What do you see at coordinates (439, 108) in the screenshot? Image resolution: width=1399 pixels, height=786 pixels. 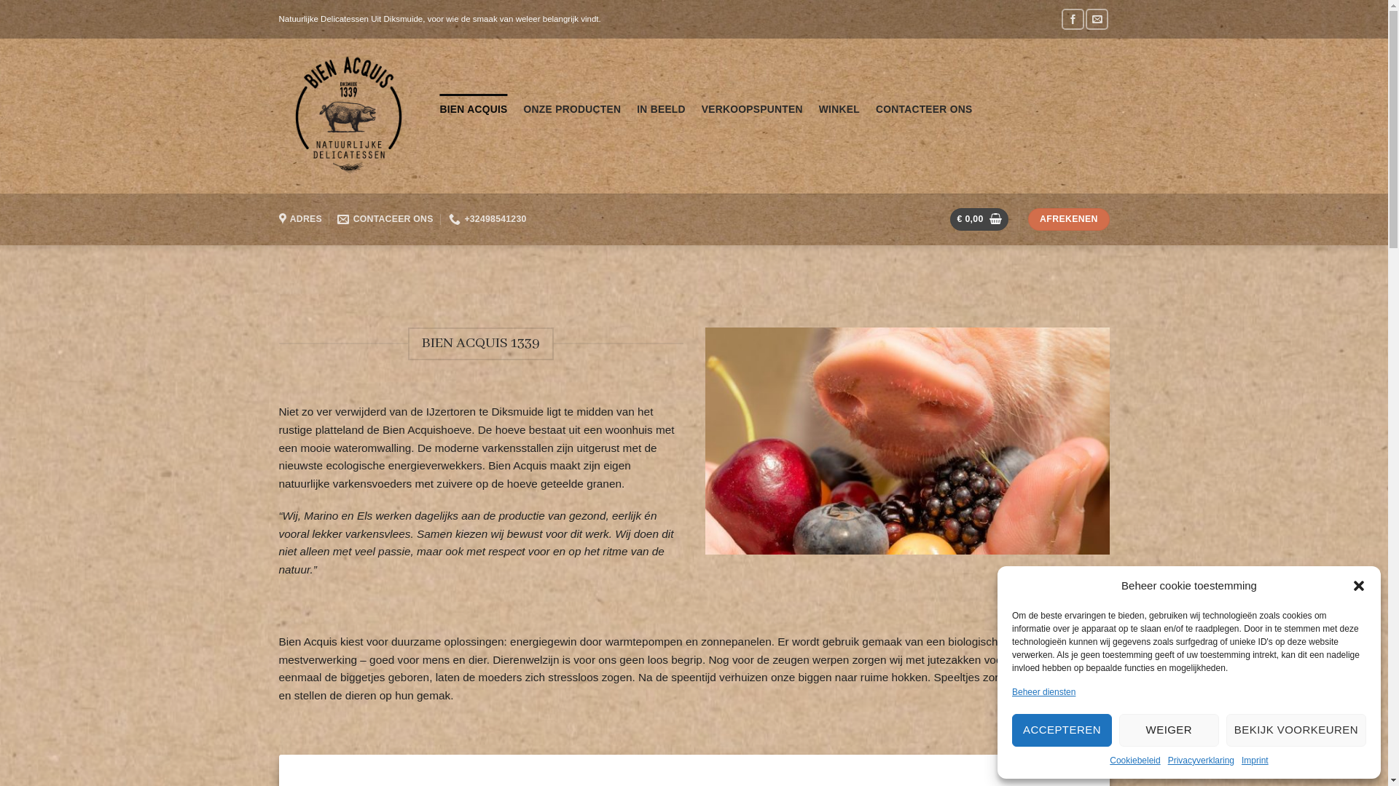 I see `'BIEN ACQUIS'` at bounding box center [439, 108].